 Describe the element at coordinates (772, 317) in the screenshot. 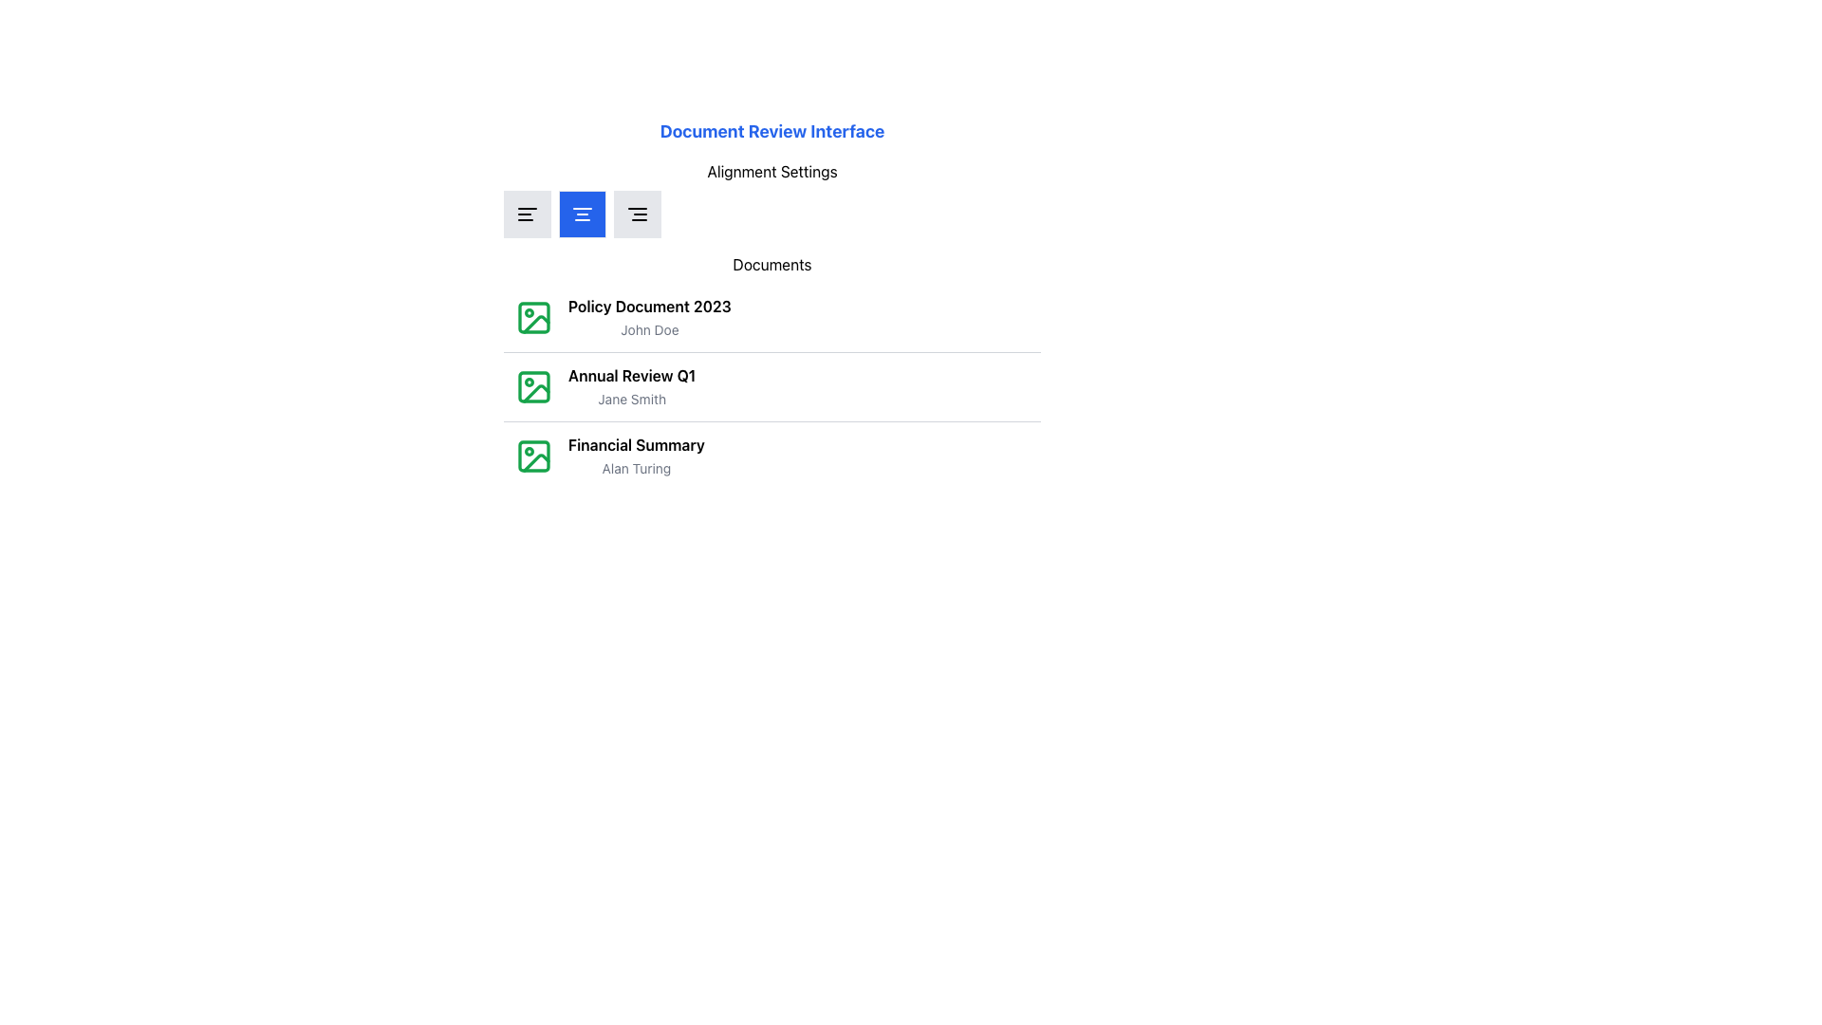

I see `the list entry titled 'Policy Document 2023' by author 'John Doe'` at that location.